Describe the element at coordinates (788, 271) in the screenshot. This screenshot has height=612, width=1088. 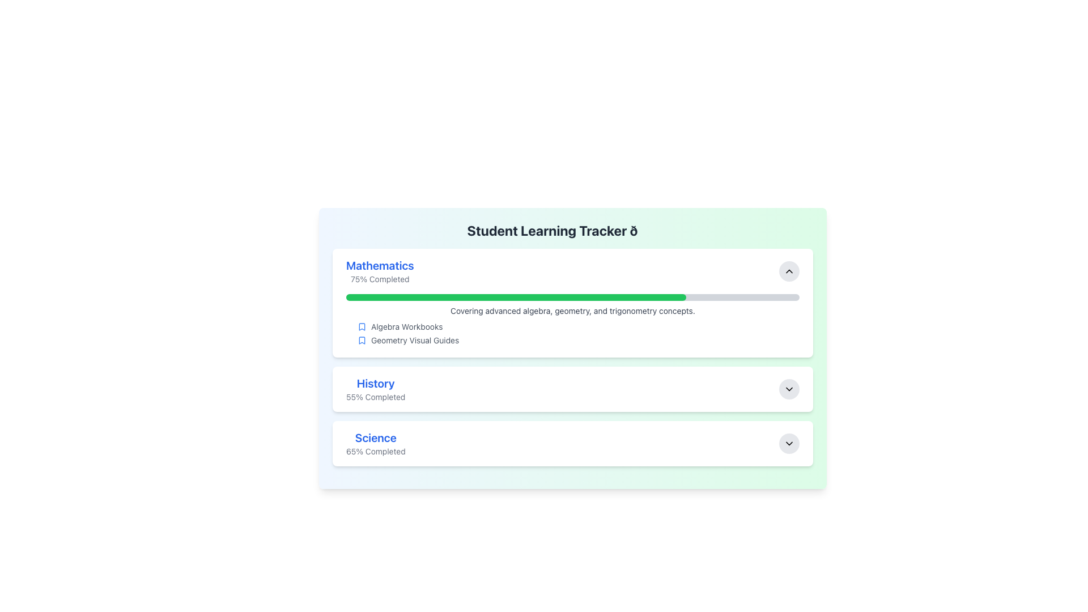
I see `the circular button with a light gray background and an upward-pointing arrow icon` at that location.